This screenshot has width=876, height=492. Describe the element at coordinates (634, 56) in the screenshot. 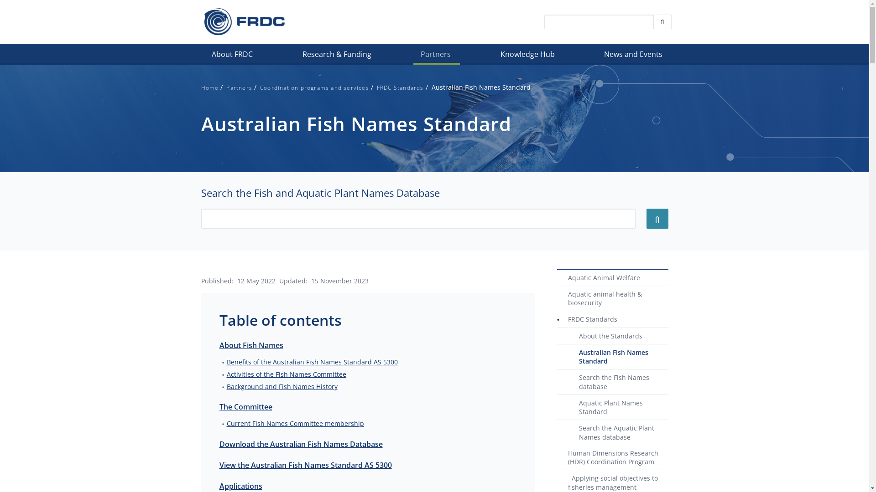

I see `'News and Events'` at that location.